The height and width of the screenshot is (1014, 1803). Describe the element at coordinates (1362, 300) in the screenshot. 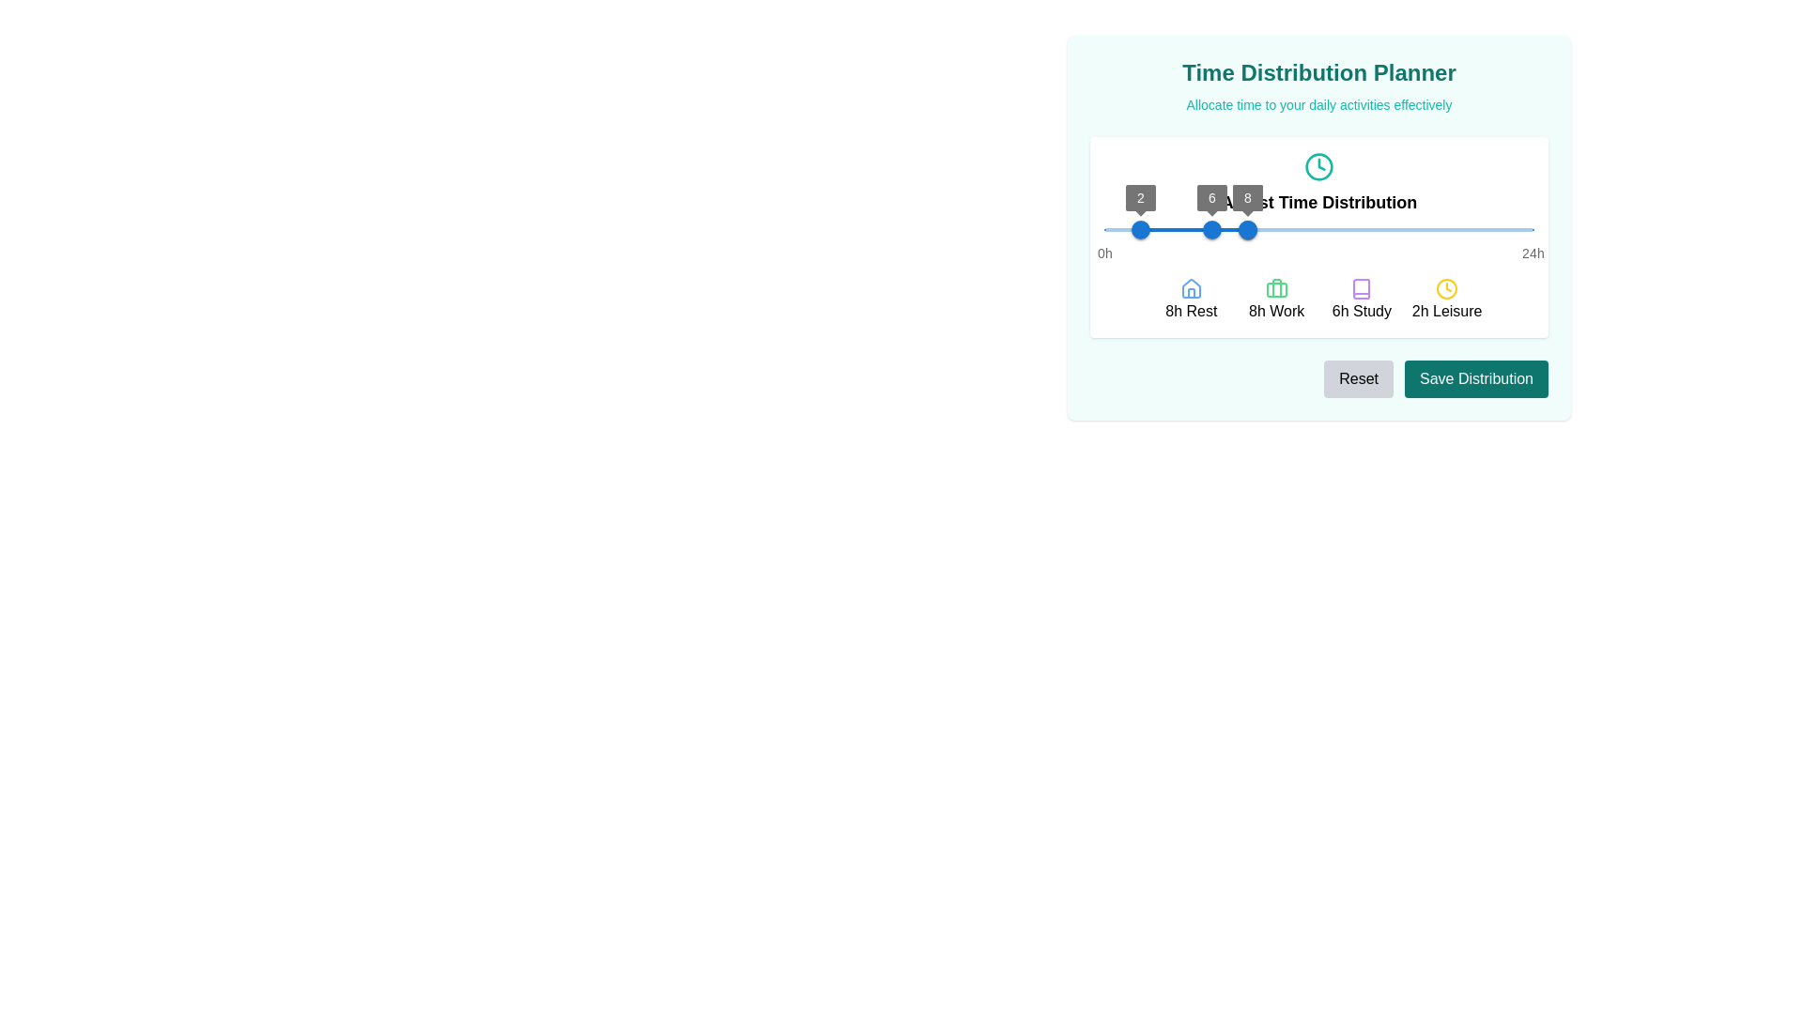

I see `the Label with the purple book icon and text label '6h Study', which is the third item in the Time Distribution Planner panel's grid layout` at that location.